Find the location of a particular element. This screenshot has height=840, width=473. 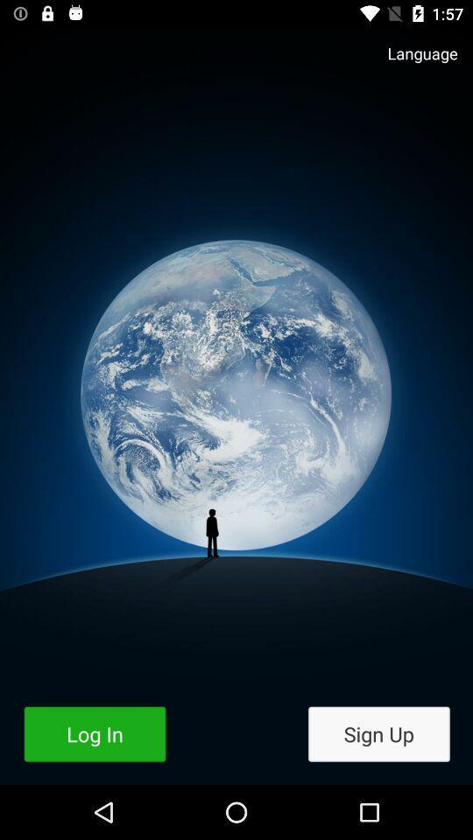

the sign up is located at coordinates (378, 734).